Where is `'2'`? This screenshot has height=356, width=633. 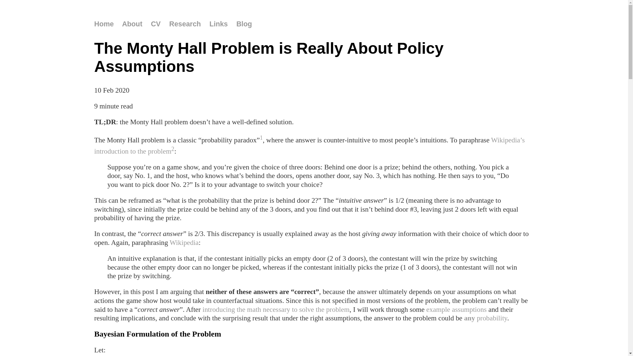
'2' is located at coordinates (173, 149).